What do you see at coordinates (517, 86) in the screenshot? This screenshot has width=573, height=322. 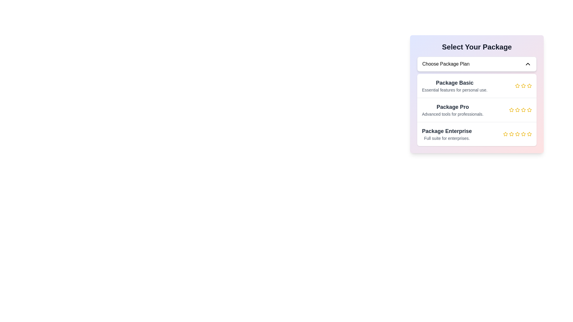 I see `the first star icon in the rating system for the 'Package Basic' entry in the package selection panel` at bounding box center [517, 86].